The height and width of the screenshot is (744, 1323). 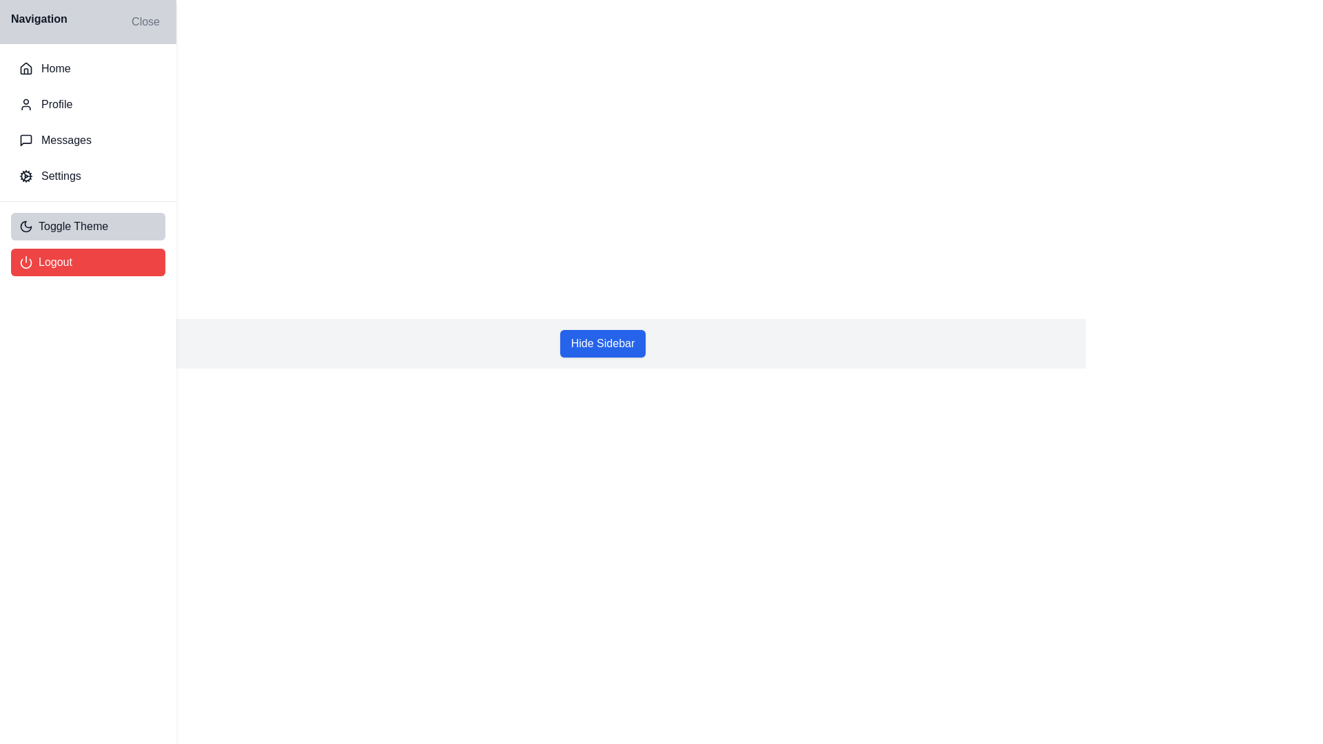 What do you see at coordinates (26, 141) in the screenshot?
I see `the 'Messages' icon in the navigation menu, which is positioned to the left of the text 'Messages'` at bounding box center [26, 141].